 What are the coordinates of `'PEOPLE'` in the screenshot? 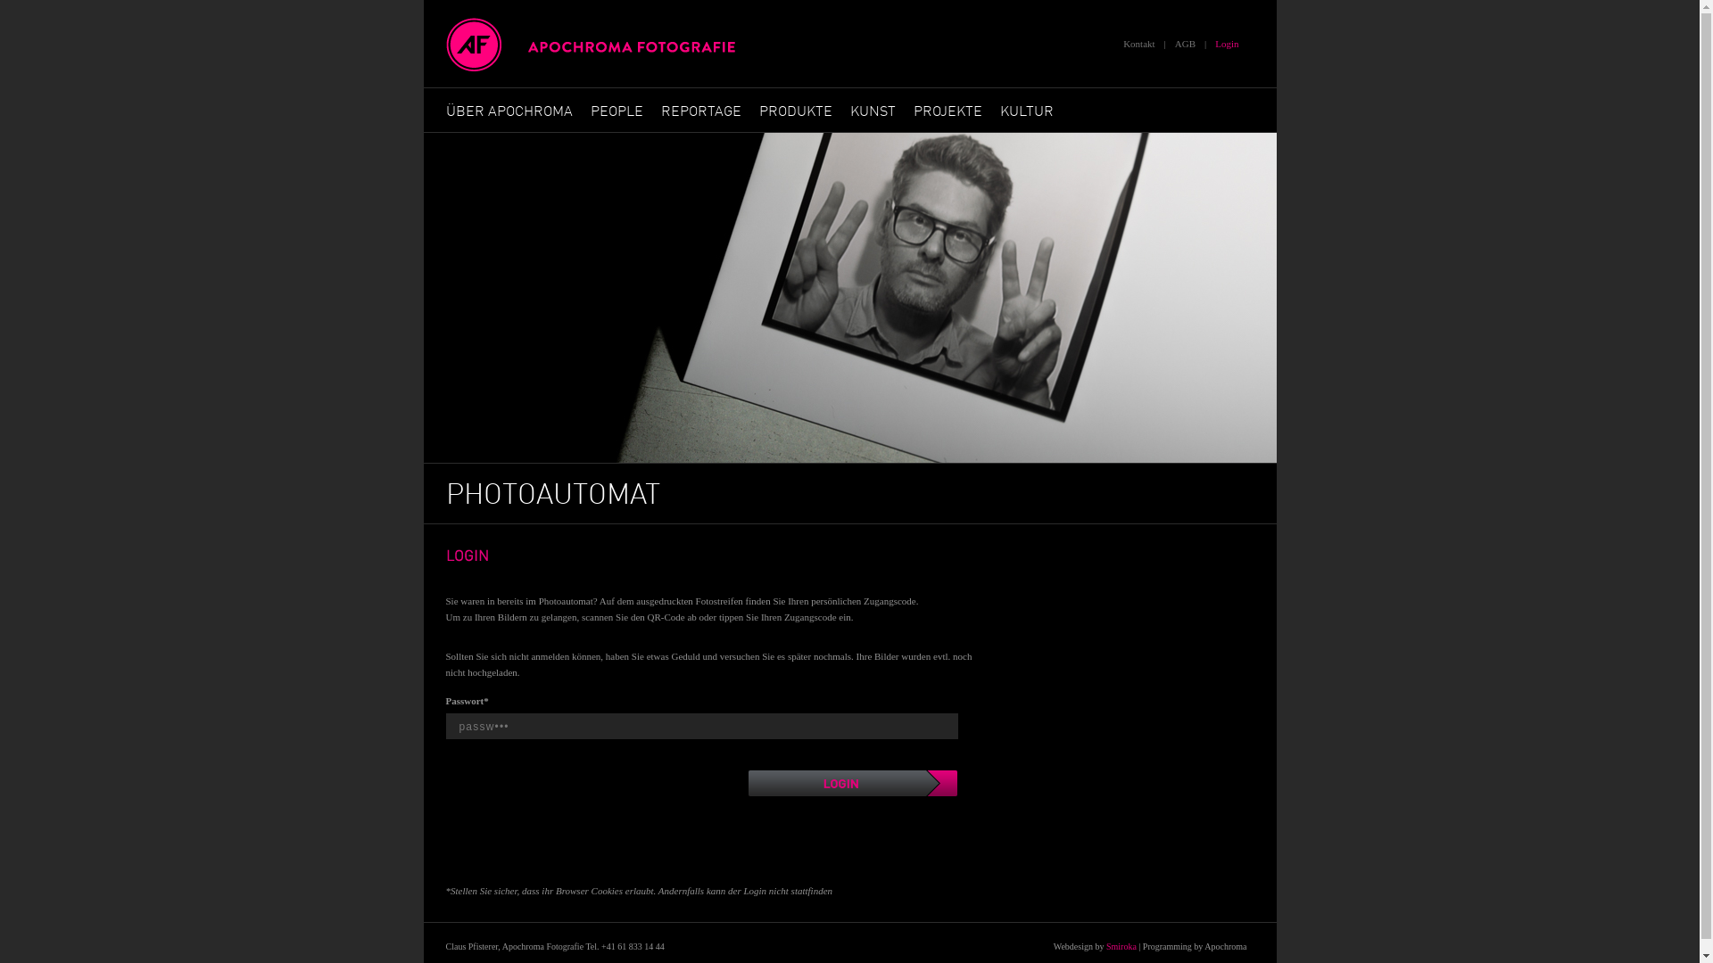 It's located at (591, 112).